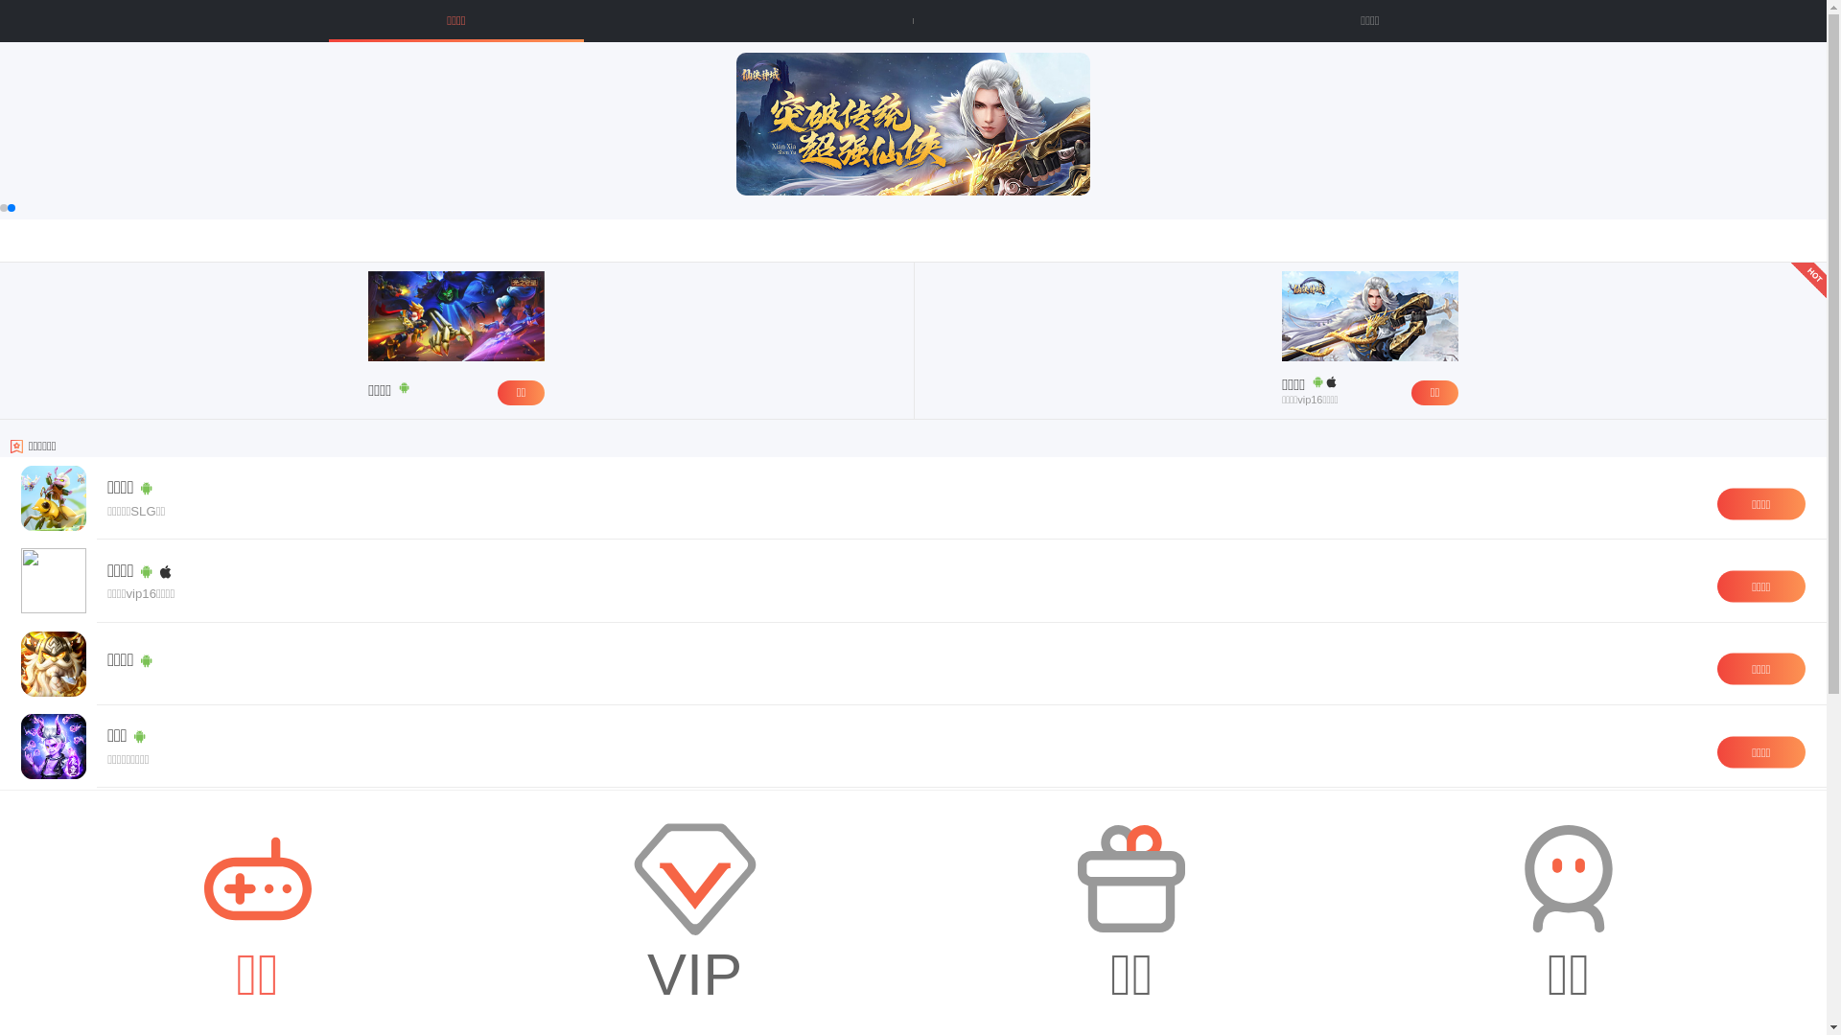 The image size is (1841, 1035). Describe the element at coordinates (693, 911) in the screenshot. I see `'VIP'` at that location.